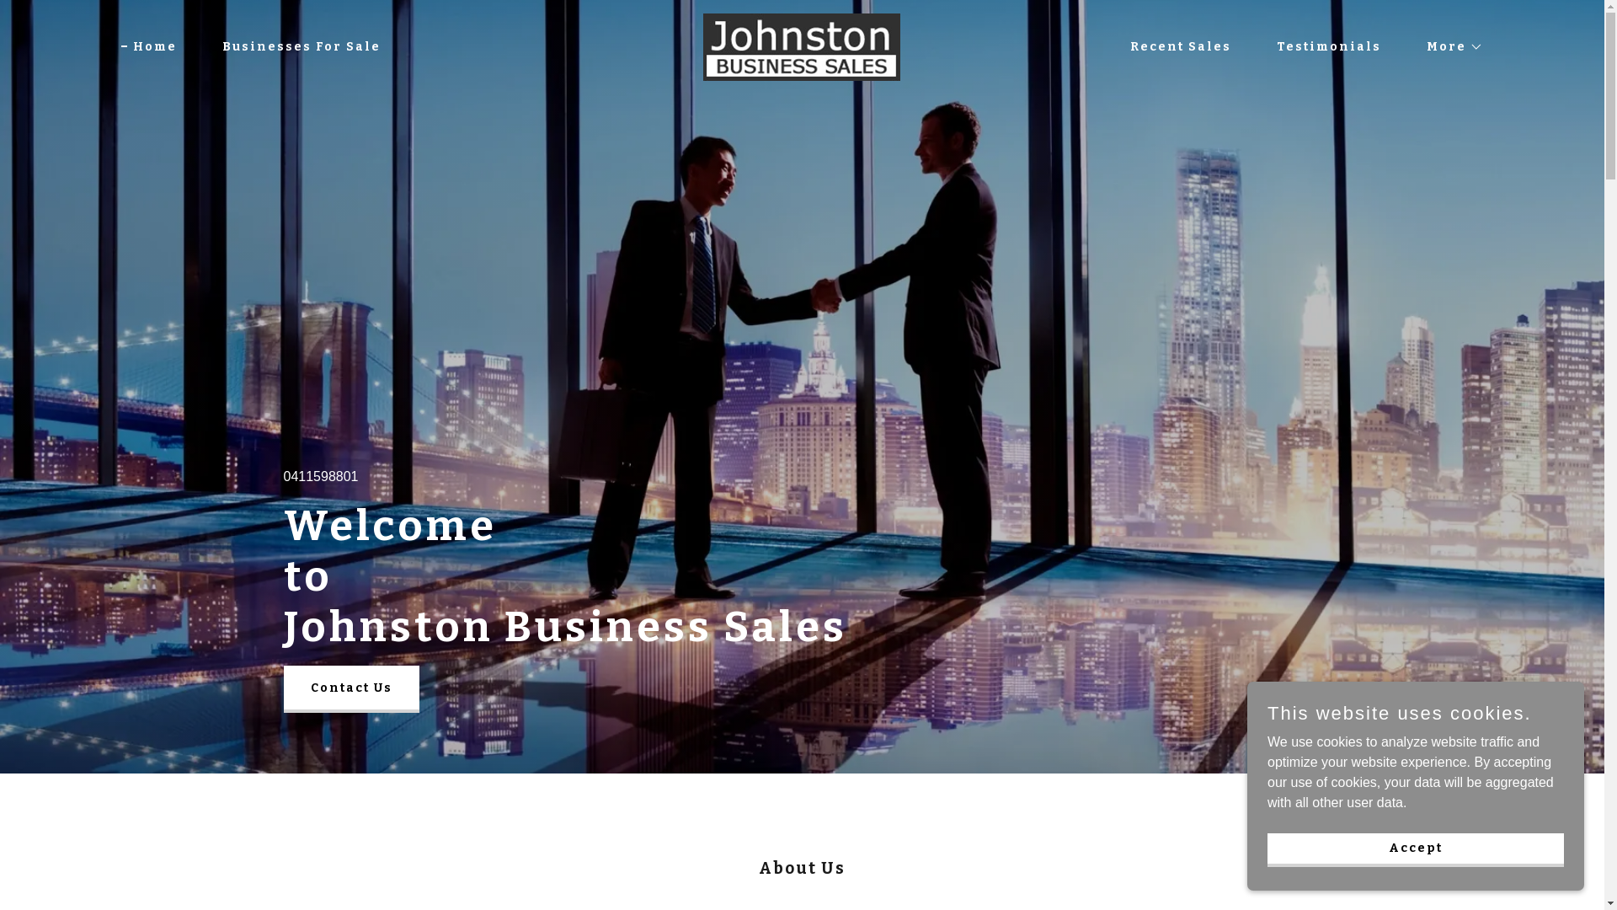 The width and height of the screenshot is (1617, 910). What do you see at coordinates (800, 45) in the screenshot?
I see `'Johnston Business Sales Pty Ltd'` at bounding box center [800, 45].